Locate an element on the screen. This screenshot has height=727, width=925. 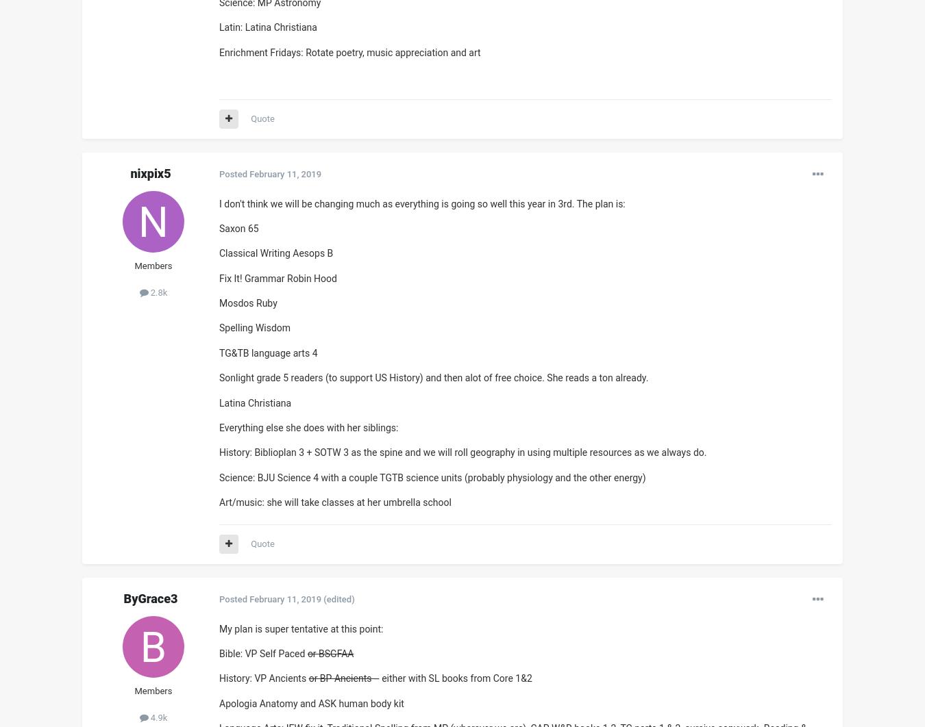
'Enrichment Fridays: Rotate poetry, music appreciation and art' is located at coordinates (218, 52).